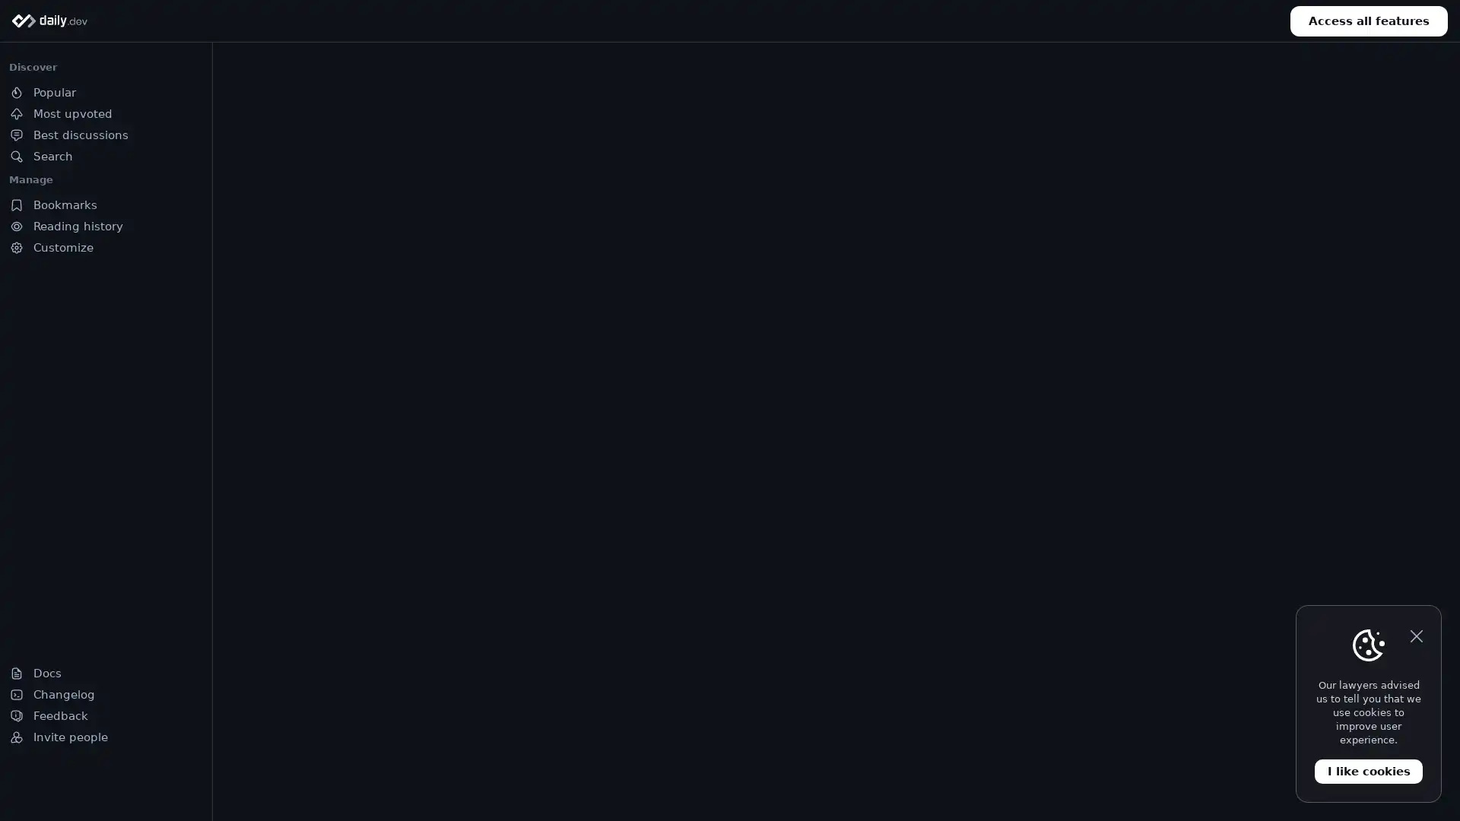 This screenshot has height=821, width=1460. Describe the element at coordinates (883, 741) in the screenshot. I see `Upvote` at that location.